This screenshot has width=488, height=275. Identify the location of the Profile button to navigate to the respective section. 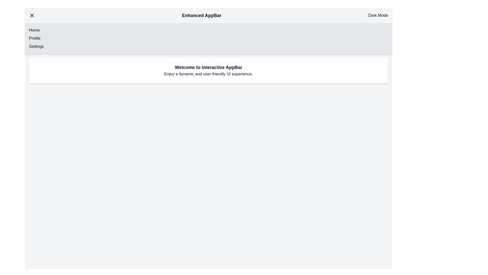
(35, 38).